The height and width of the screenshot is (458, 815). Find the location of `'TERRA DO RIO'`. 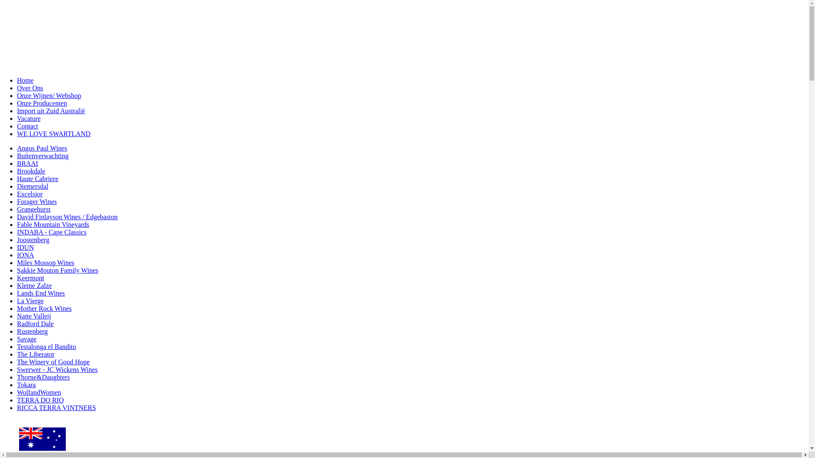

'TERRA DO RIO' is located at coordinates (17, 400).